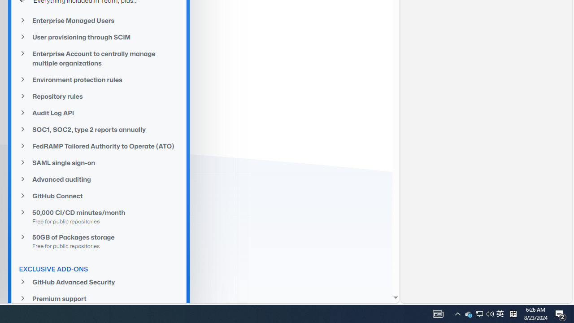 This screenshot has width=574, height=323. Describe the element at coordinates (99, 195) in the screenshot. I see `'GitHub Connect'` at that location.